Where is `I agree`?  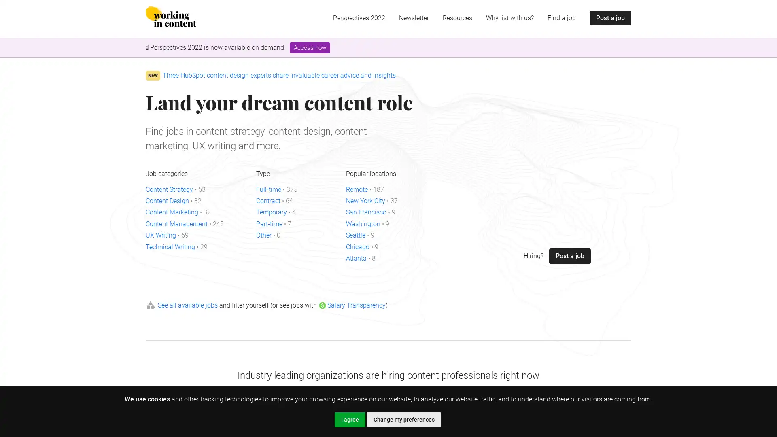
I agree is located at coordinates (350, 419).